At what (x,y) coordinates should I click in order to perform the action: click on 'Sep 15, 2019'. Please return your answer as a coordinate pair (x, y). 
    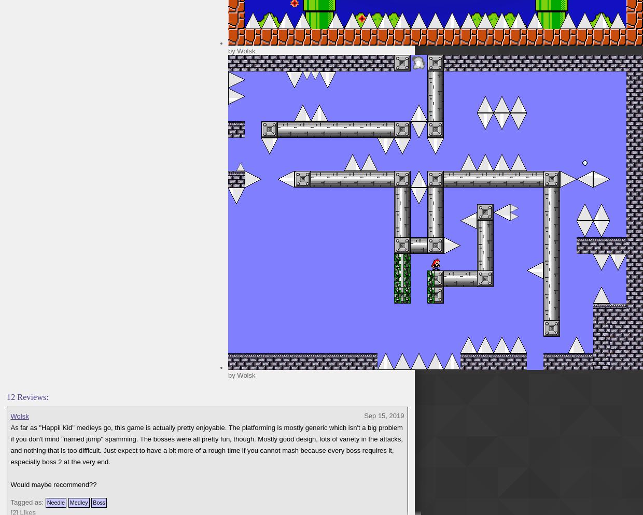
    Looking at the image, I should click on (384, 415).